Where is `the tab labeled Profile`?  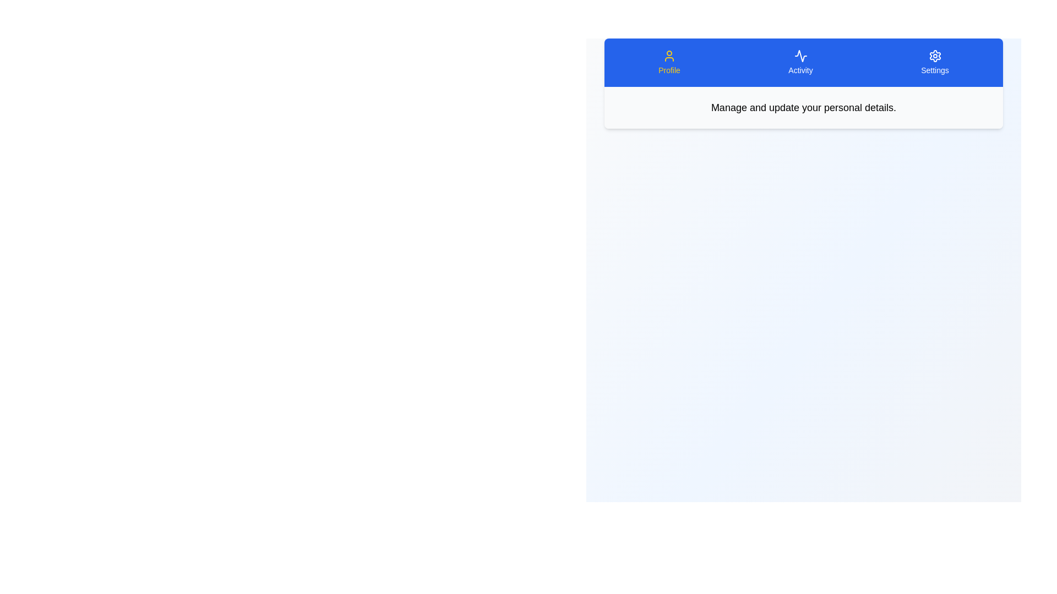
the tab labeled Profile is located at coordinates (668, 63).